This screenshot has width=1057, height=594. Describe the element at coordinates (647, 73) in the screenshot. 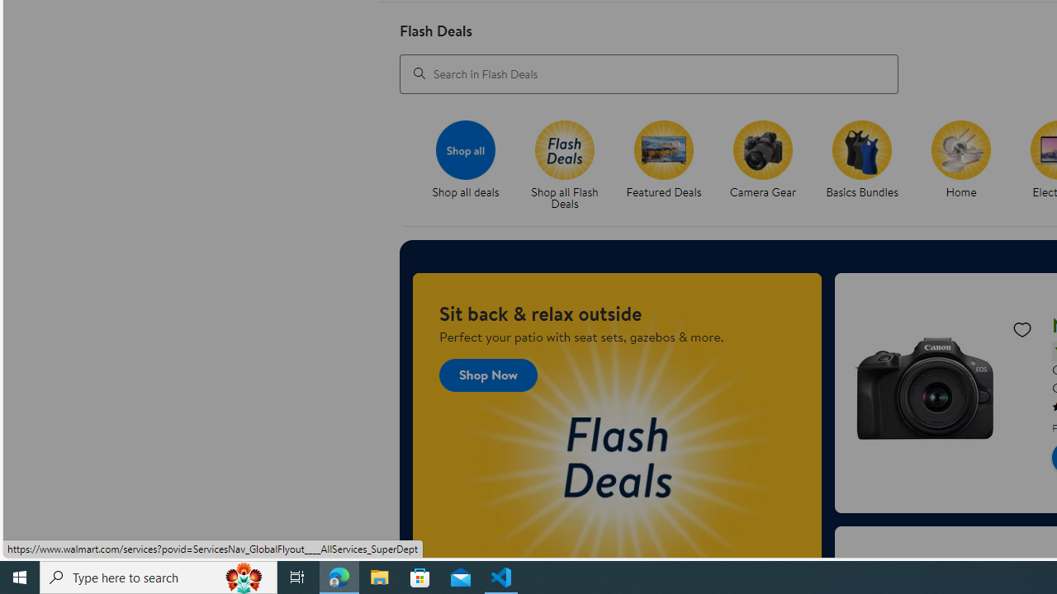

I see `'Search in Flash Deals'` at that location.